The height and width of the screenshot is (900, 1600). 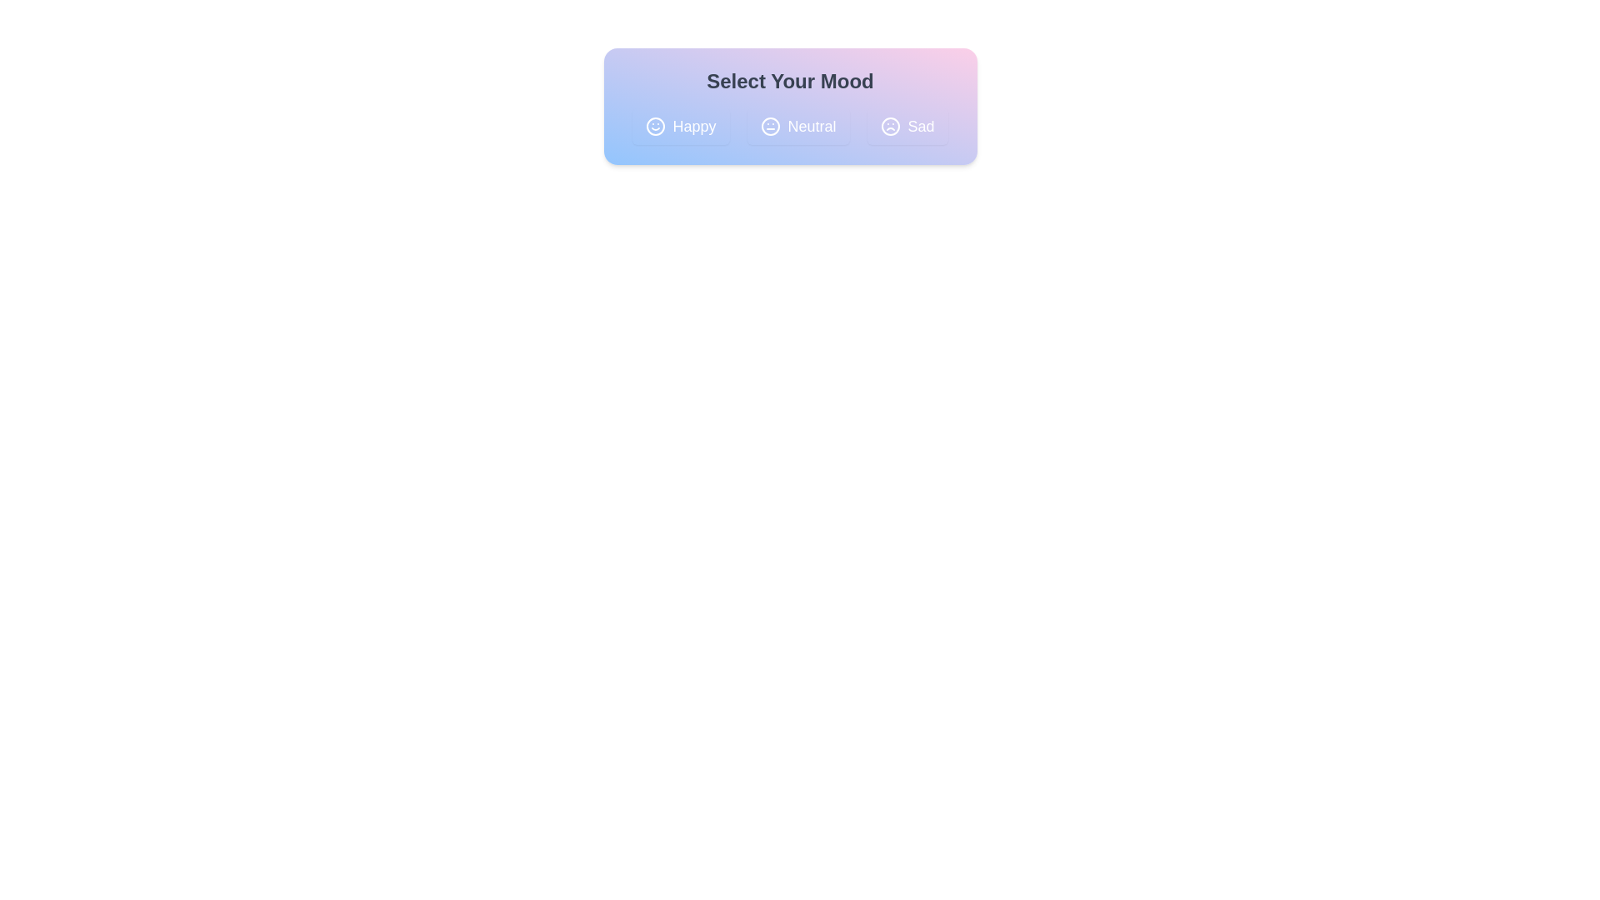 What do you see at coordinates (797, 125) in the screenshot?
I see `the mood chip corresponding to Neutral` at bounding box center [797, 125].